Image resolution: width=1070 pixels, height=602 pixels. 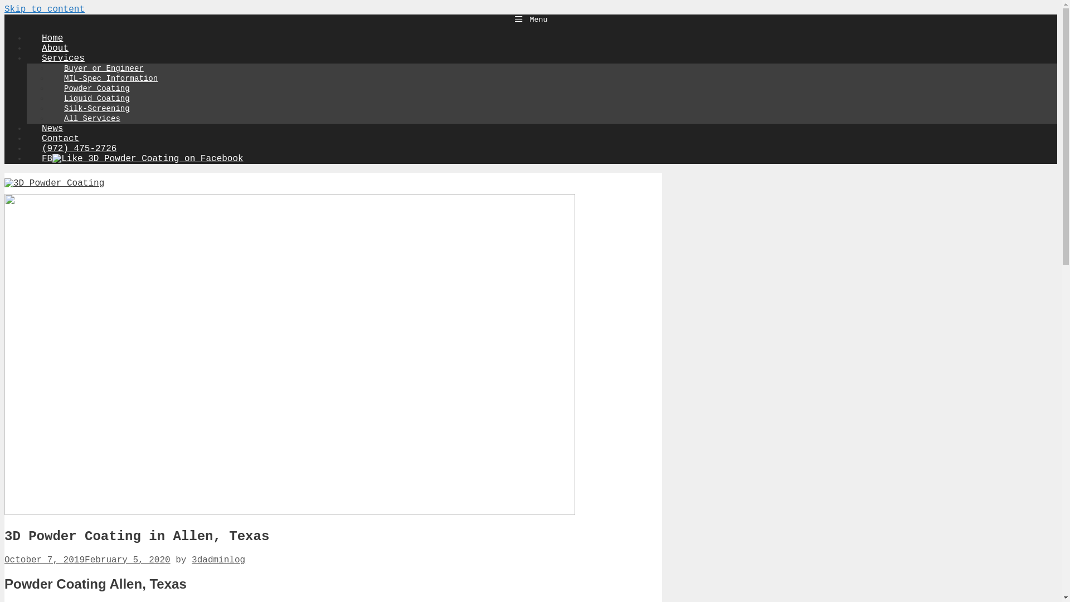 What do you see at coordinates (27, 128) in the screenshot?
I see `'News'` at bounding box center [27, 128].